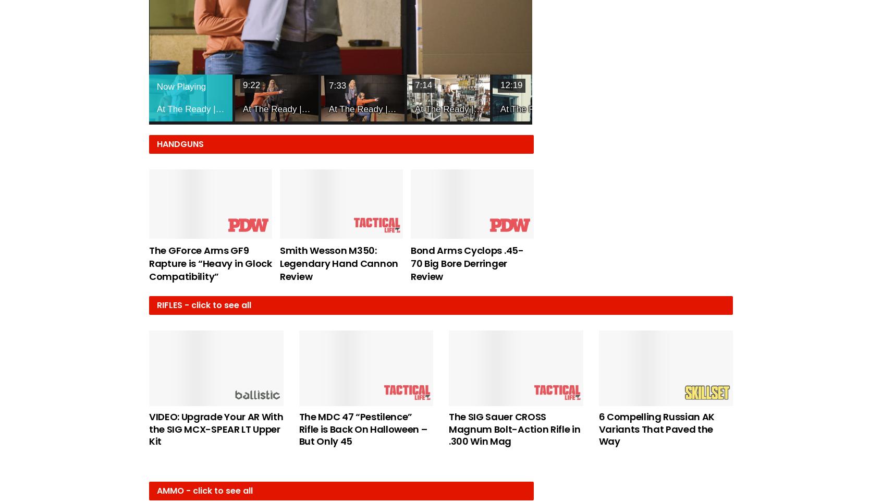 The image size is (882, 502). What do you see at coordinates (180, 86) in the screenshot?
I see `'Now Playing'` at bounding box center [180, 86].